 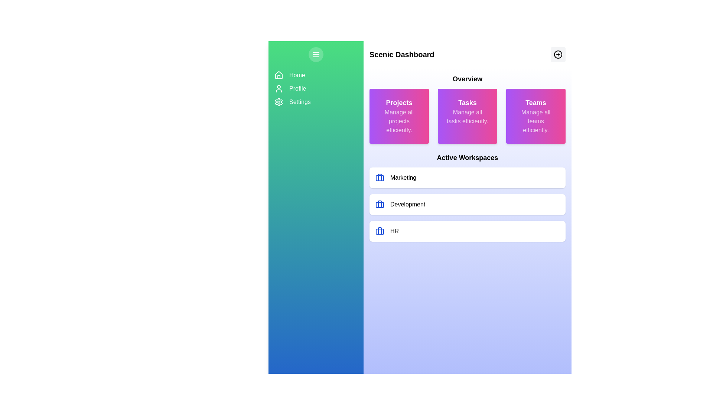 I want to click on the small circular button with a plus sign located at the top-right corner of the UI, adjacent to the header section and labeled areas such as 'Projects,' 'Tasks,' and 'Teams.', so click(x=558, y=54).